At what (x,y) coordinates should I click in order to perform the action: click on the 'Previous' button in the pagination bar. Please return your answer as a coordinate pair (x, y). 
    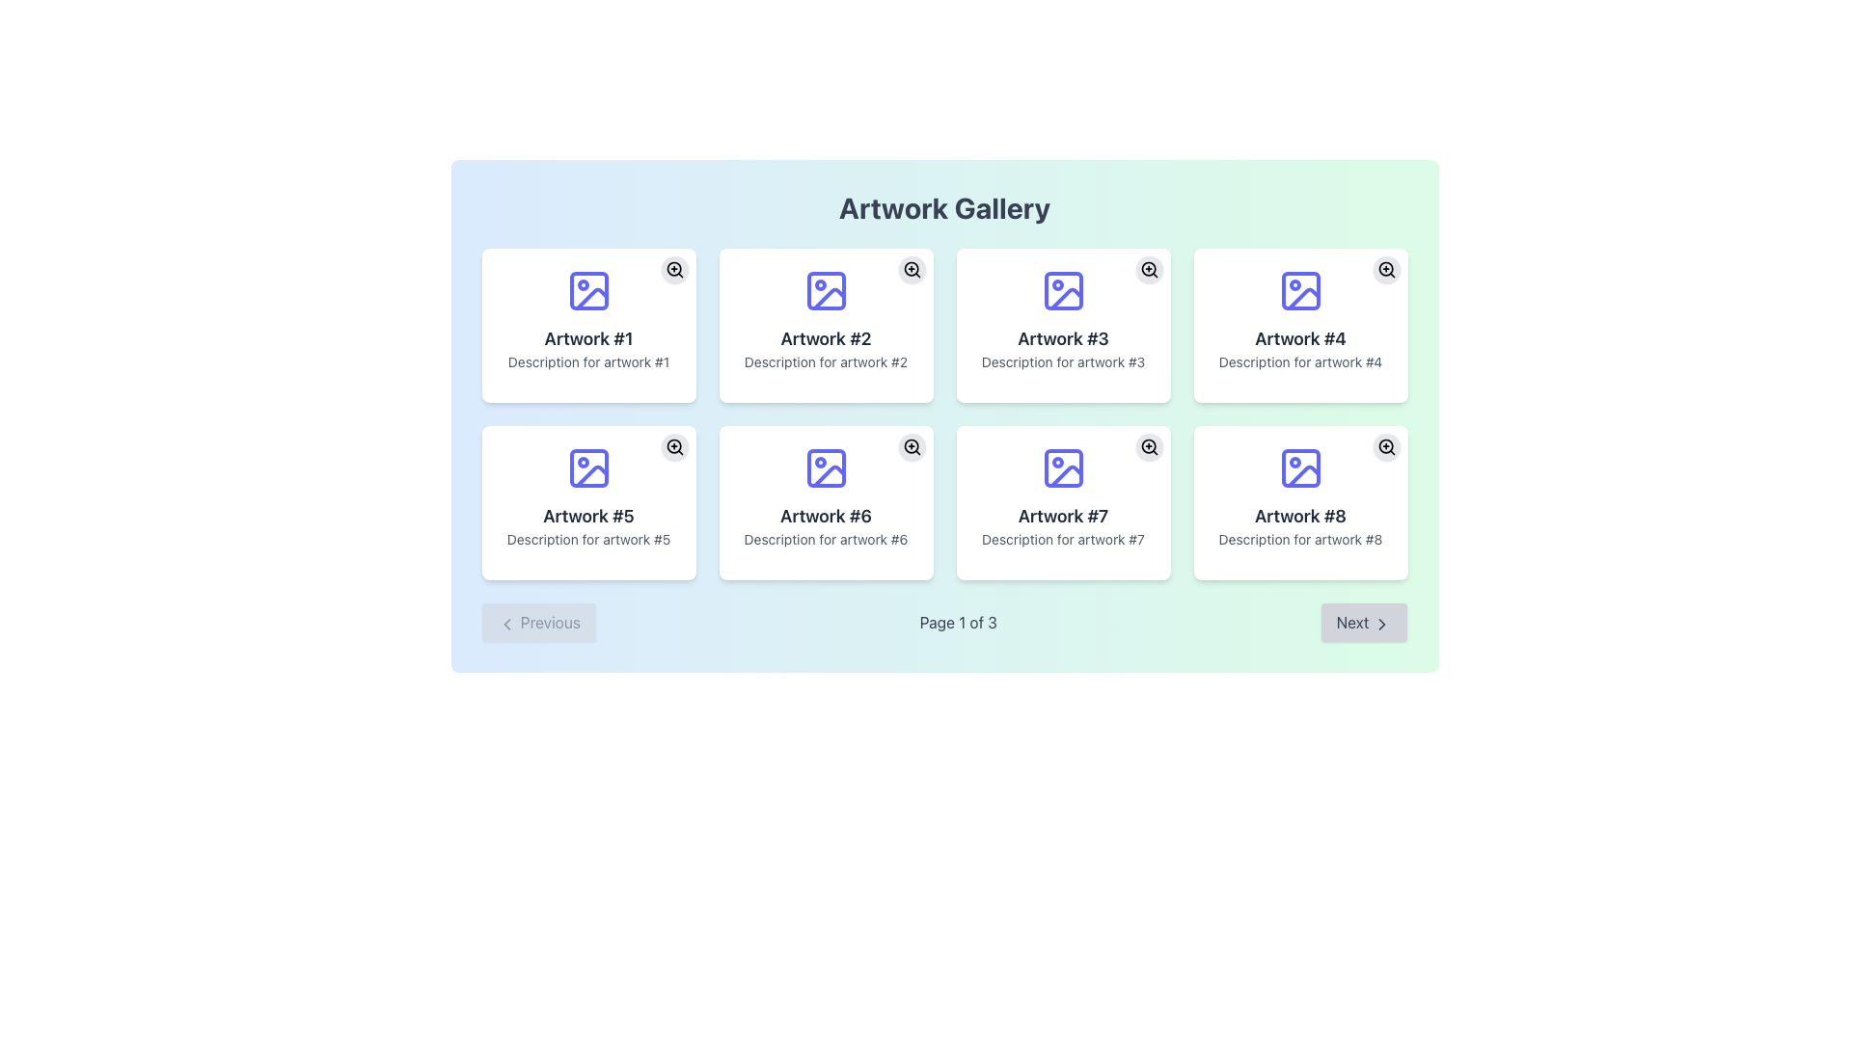
    Looking at the image, I should click on (537, 622).